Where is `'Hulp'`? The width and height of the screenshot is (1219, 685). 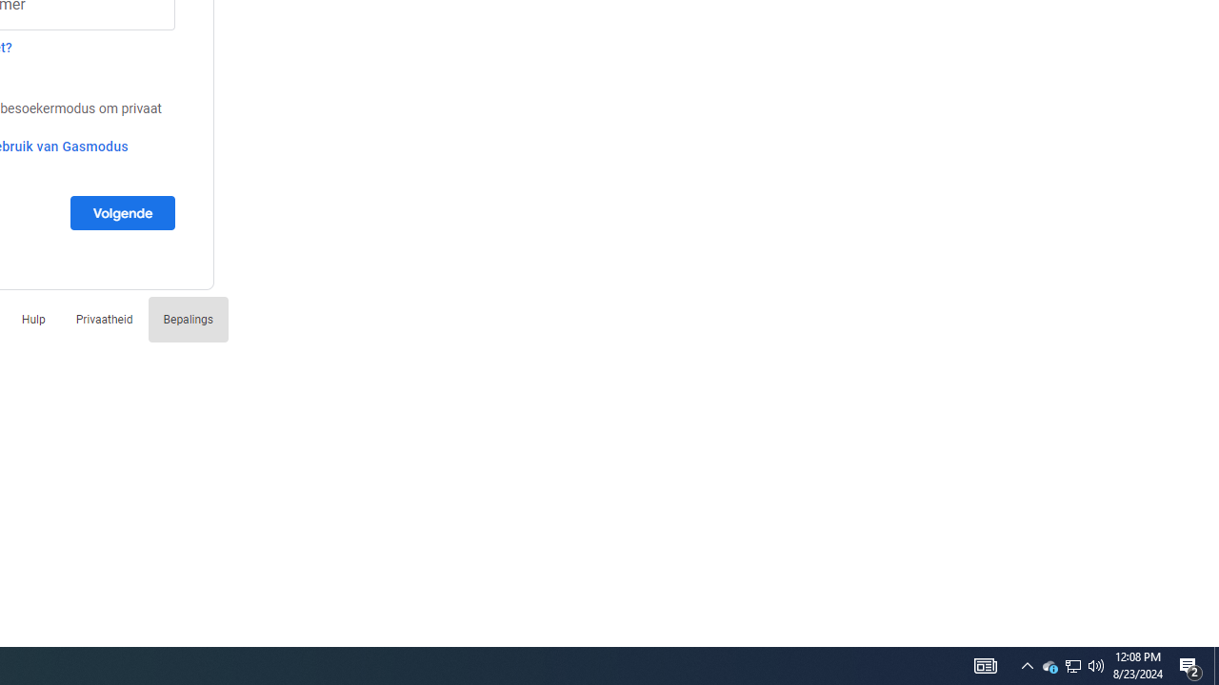 'Hulp' is located at coordinates (33, 318).